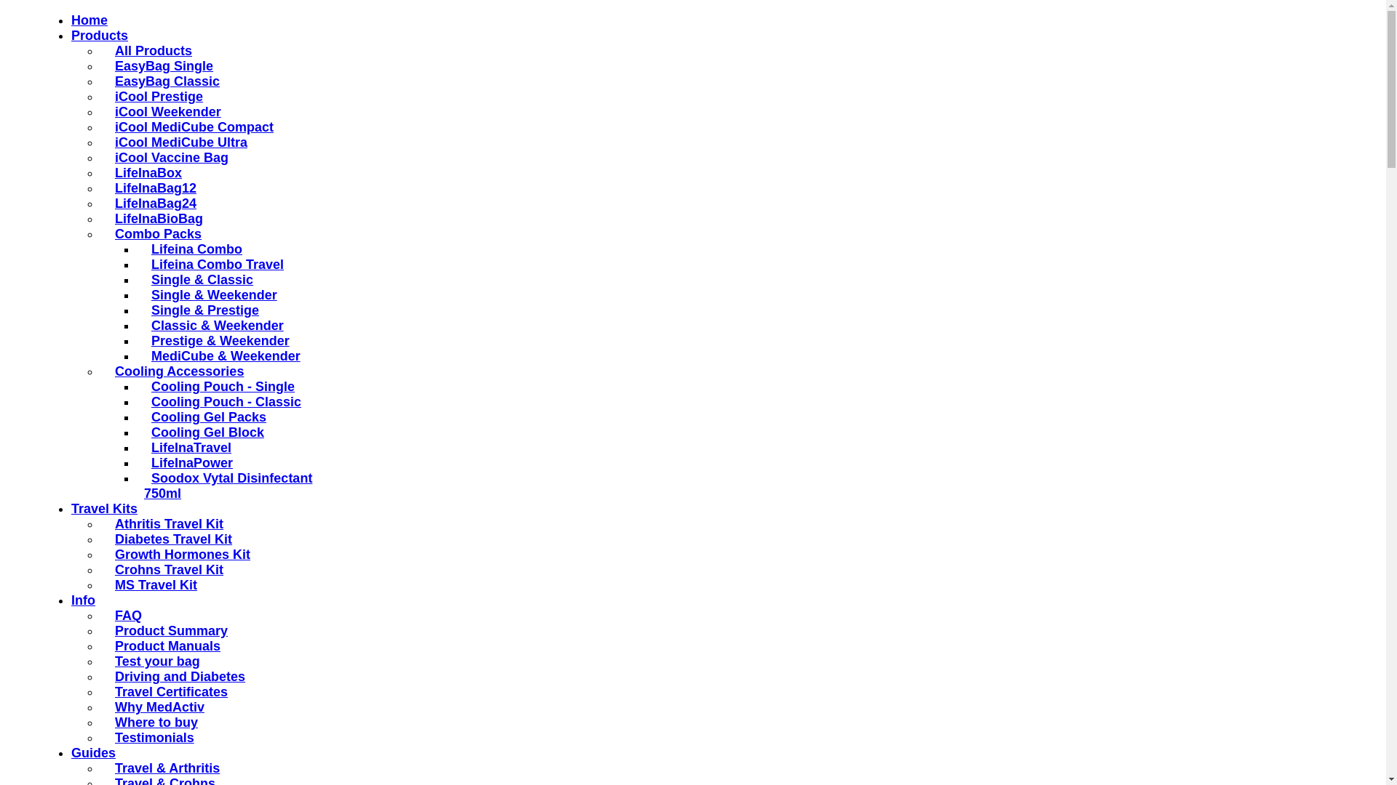  Describe the element at coordinates (212, 324) in the screenshot. I see `'Classic & Weekender'` at that location.